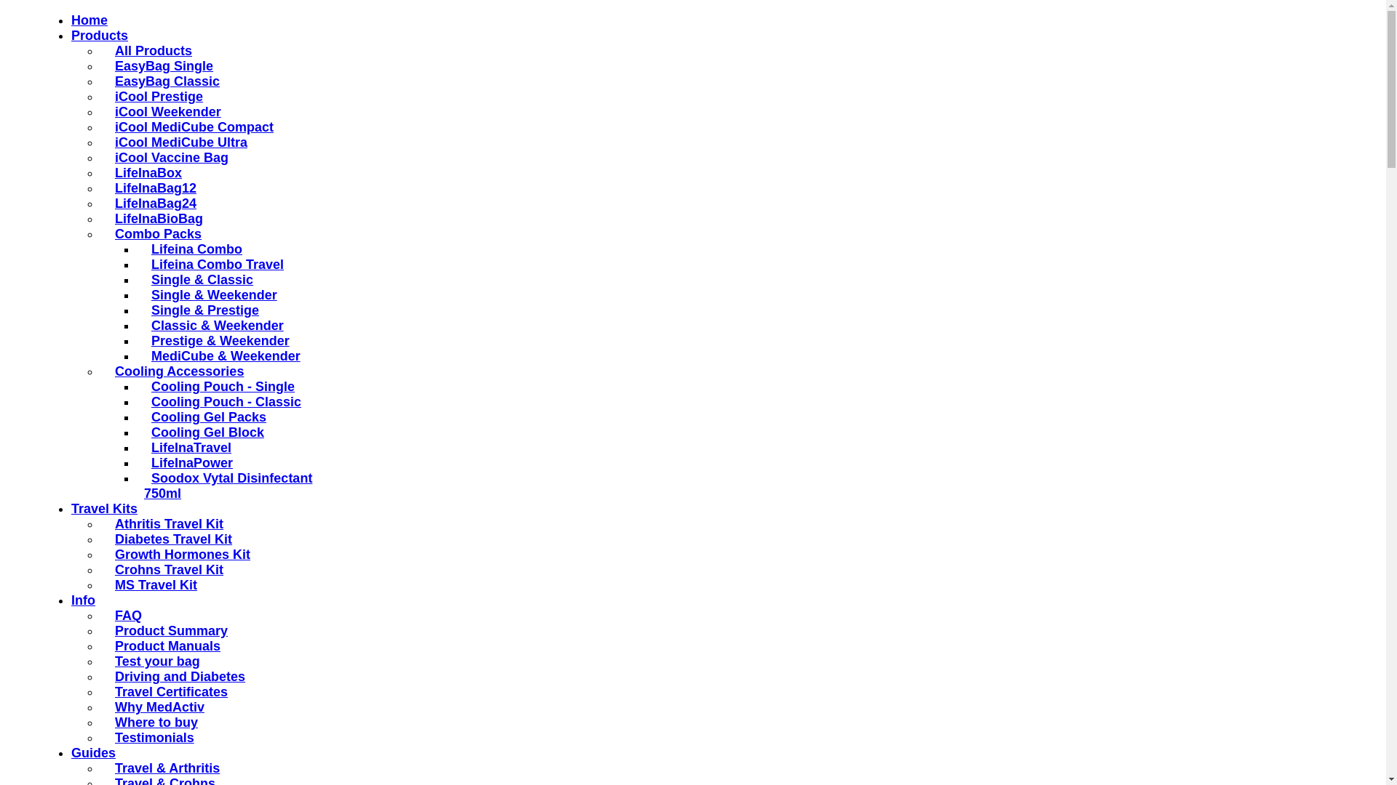  Describe the element at coordinates (212, 324) in the screenshot. I see `'Classic & Weekender'` at that location.